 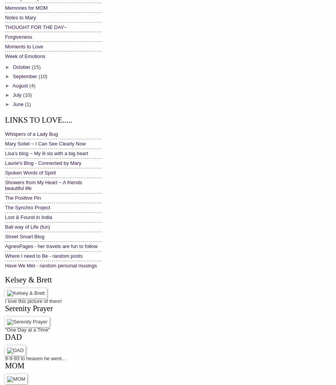 I want to click on 'July', so click(x=17, y=95).